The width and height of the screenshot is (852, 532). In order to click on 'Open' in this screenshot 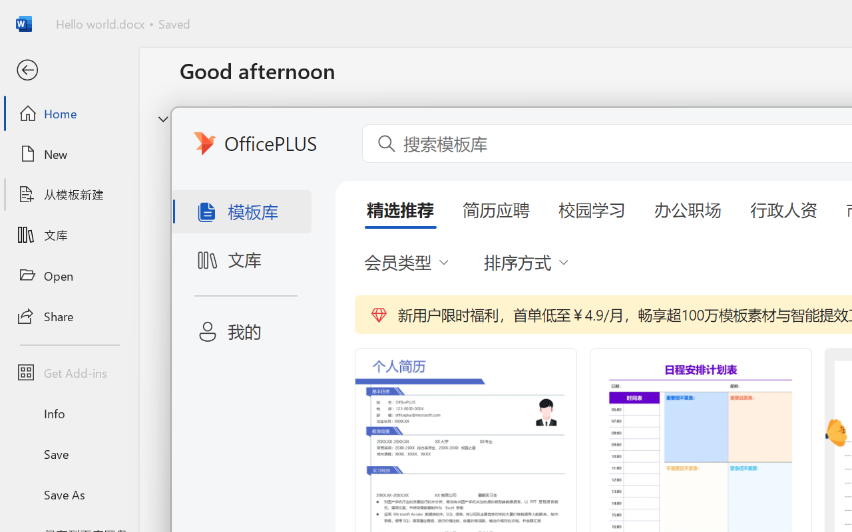, I will do `click(69, 275)`.